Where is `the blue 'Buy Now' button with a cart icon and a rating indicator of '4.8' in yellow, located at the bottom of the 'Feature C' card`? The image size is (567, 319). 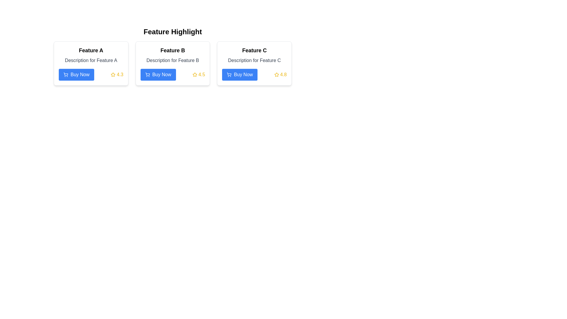
the blue 'Buy Now' button with a cart icon and a rating indicator of '4.8' in yellow, located at the bottom of the 'Feature C' card is located at coordinates (254, 74).